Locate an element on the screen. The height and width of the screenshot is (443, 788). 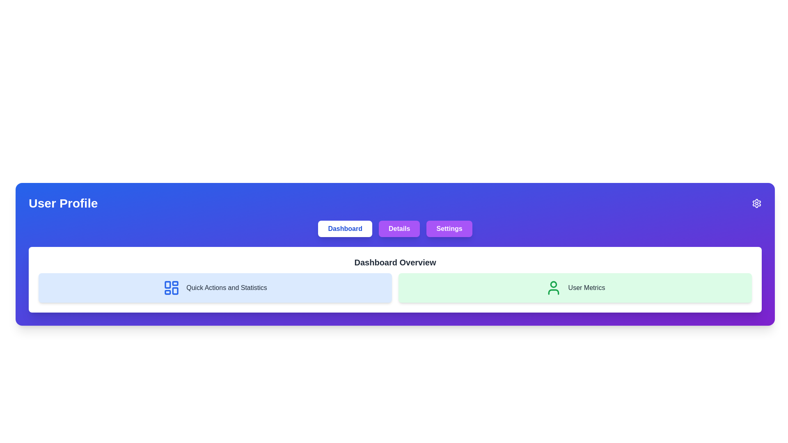
the upper-left rectangle of the SVG icon located on the left side of the interface is located at coordinates (167, 284).